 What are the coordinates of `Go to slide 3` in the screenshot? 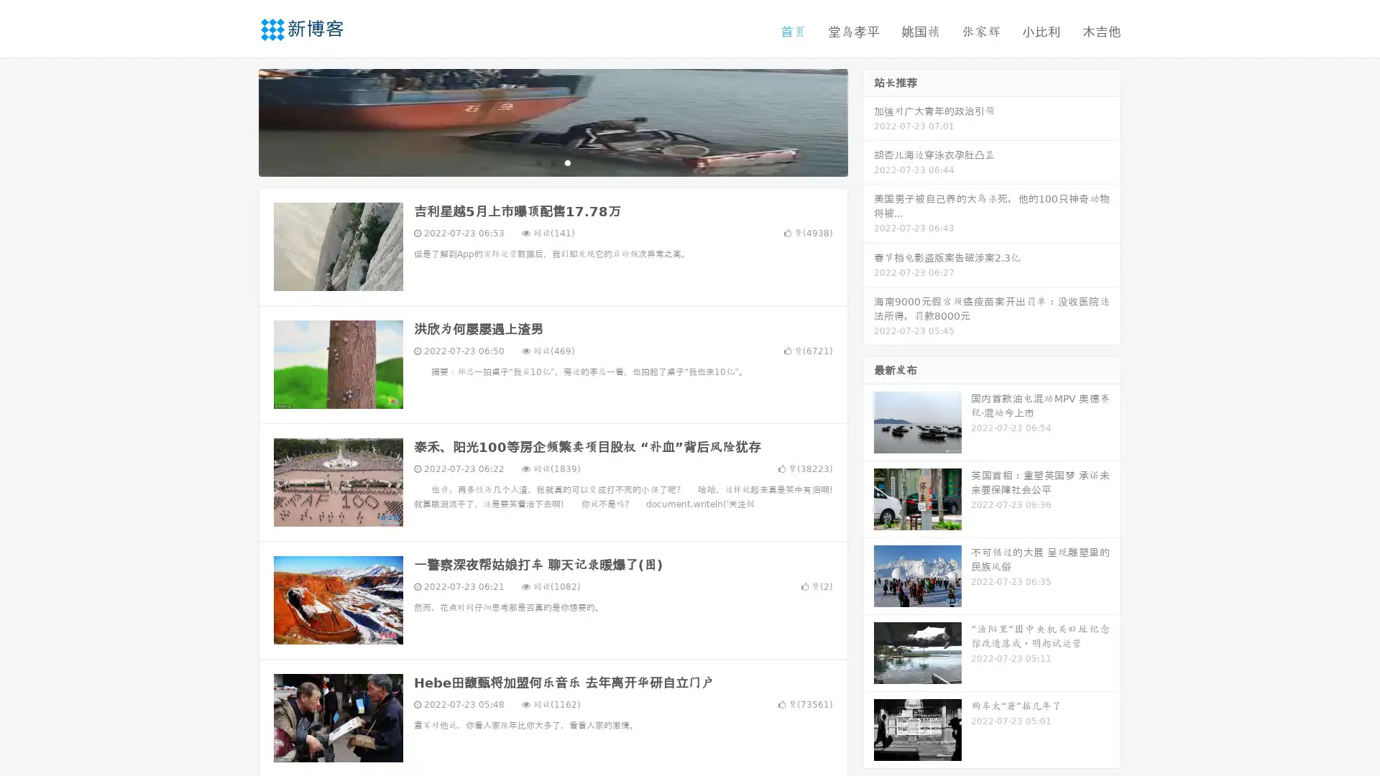 It's located at (567, 162).